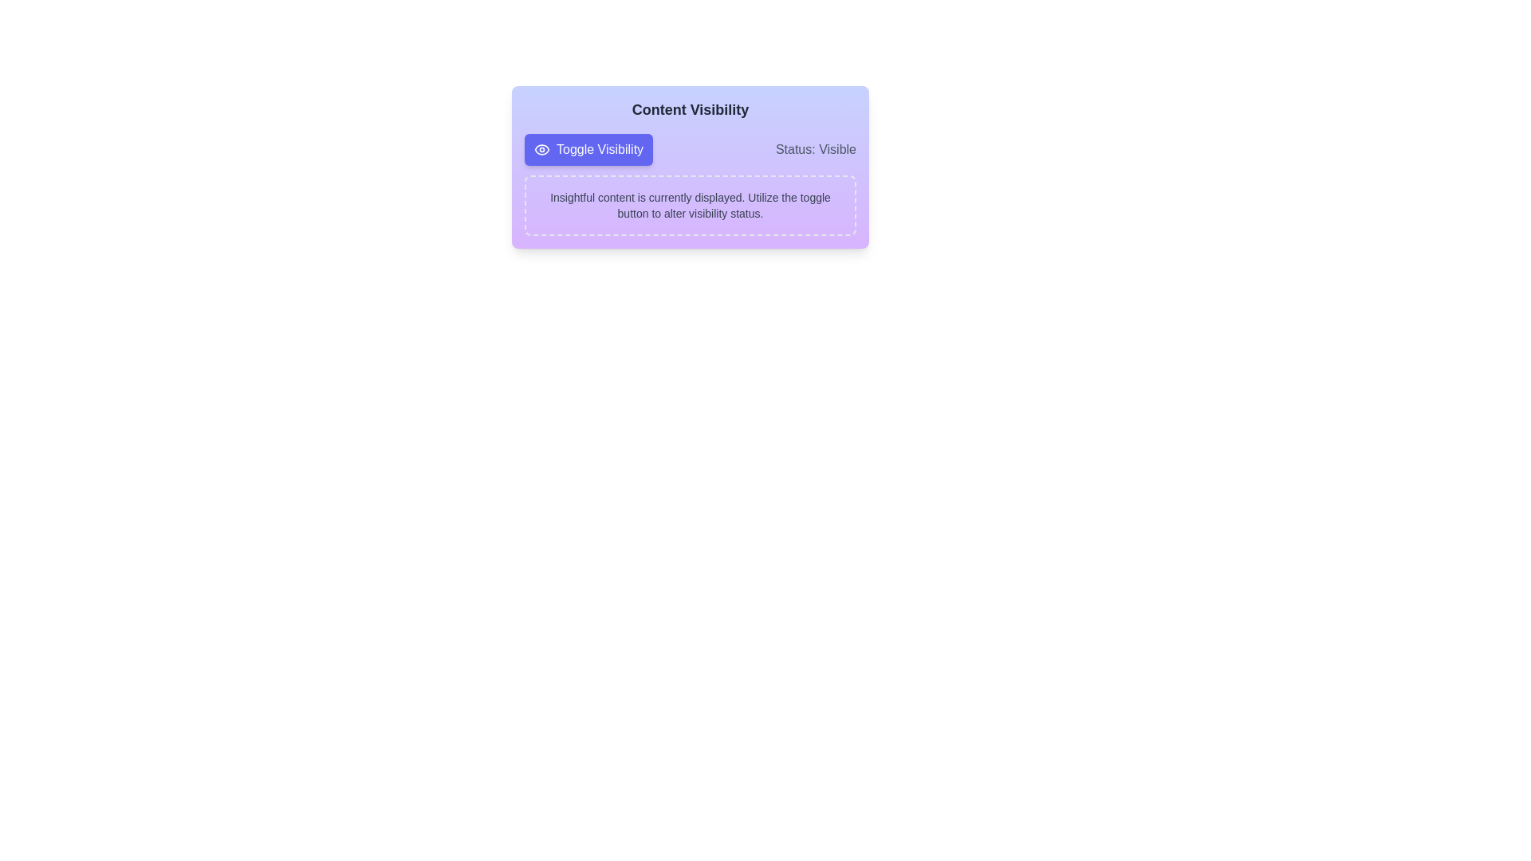 Image resolution: width=1531 pixels, height=861 pixels. Describe the element at coordinates (588, 150) in the screenshot. I see `the 'Toggle Visibility' button to toggle the visibility of the content` at that location.